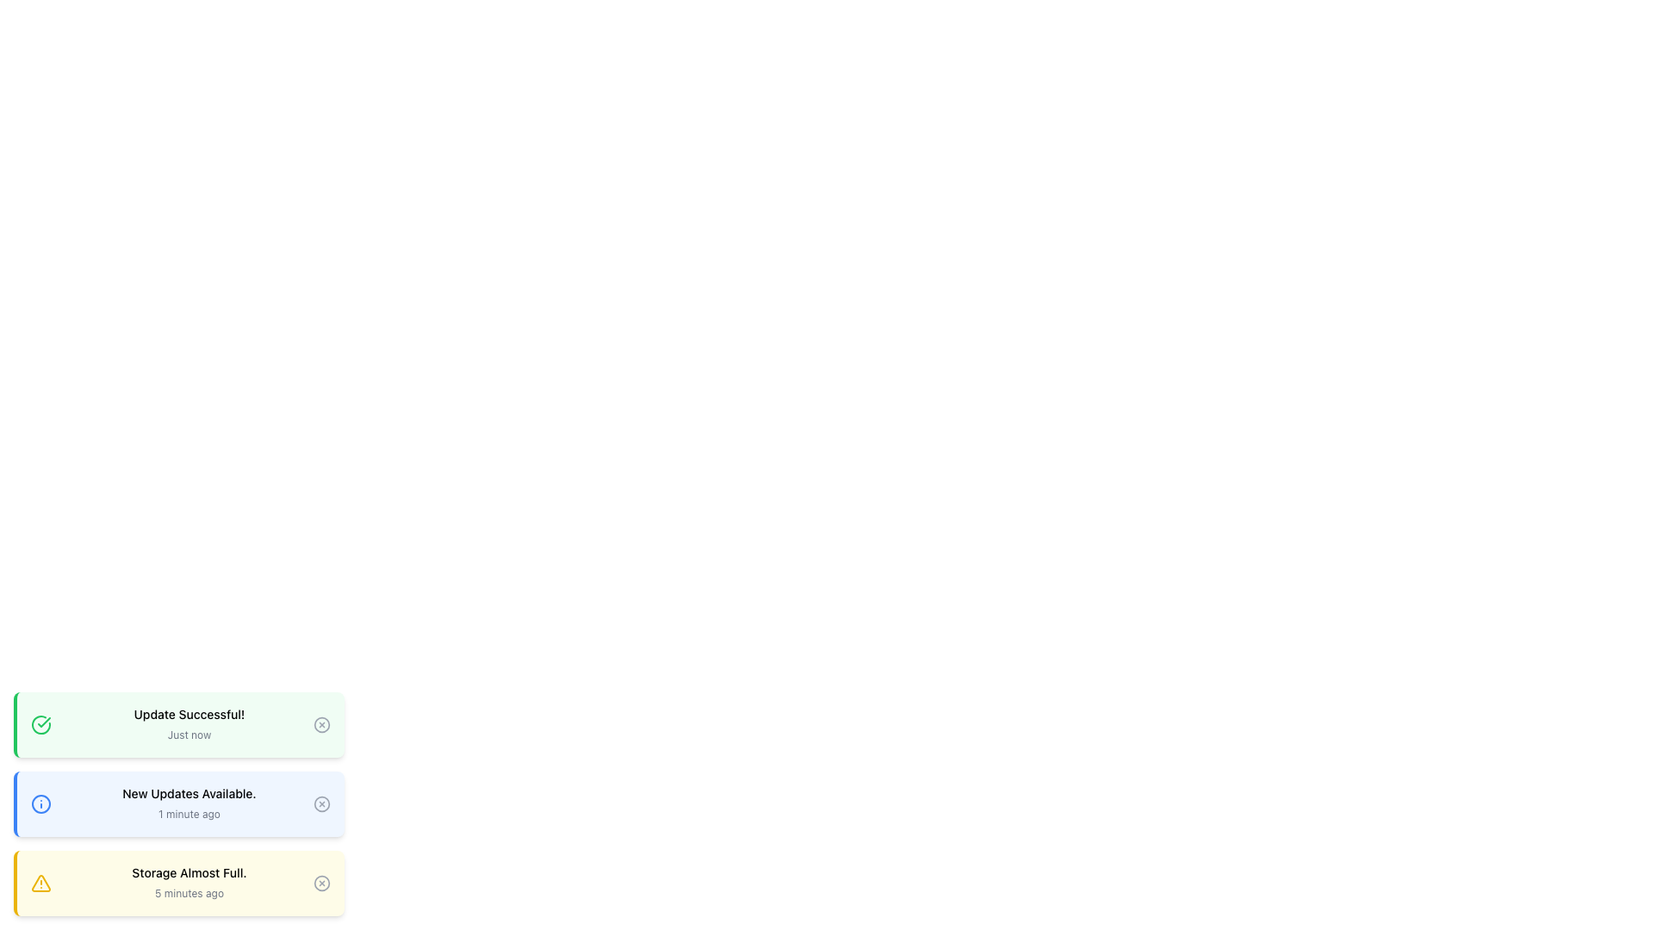 The image size is (1654, 930). What do you see at coordinates (322, 803) in the screenshot?
I see `the close button located at the rightmost edge of the notification card displaying 'New Updates Available'` at bounding box center [322, 803].